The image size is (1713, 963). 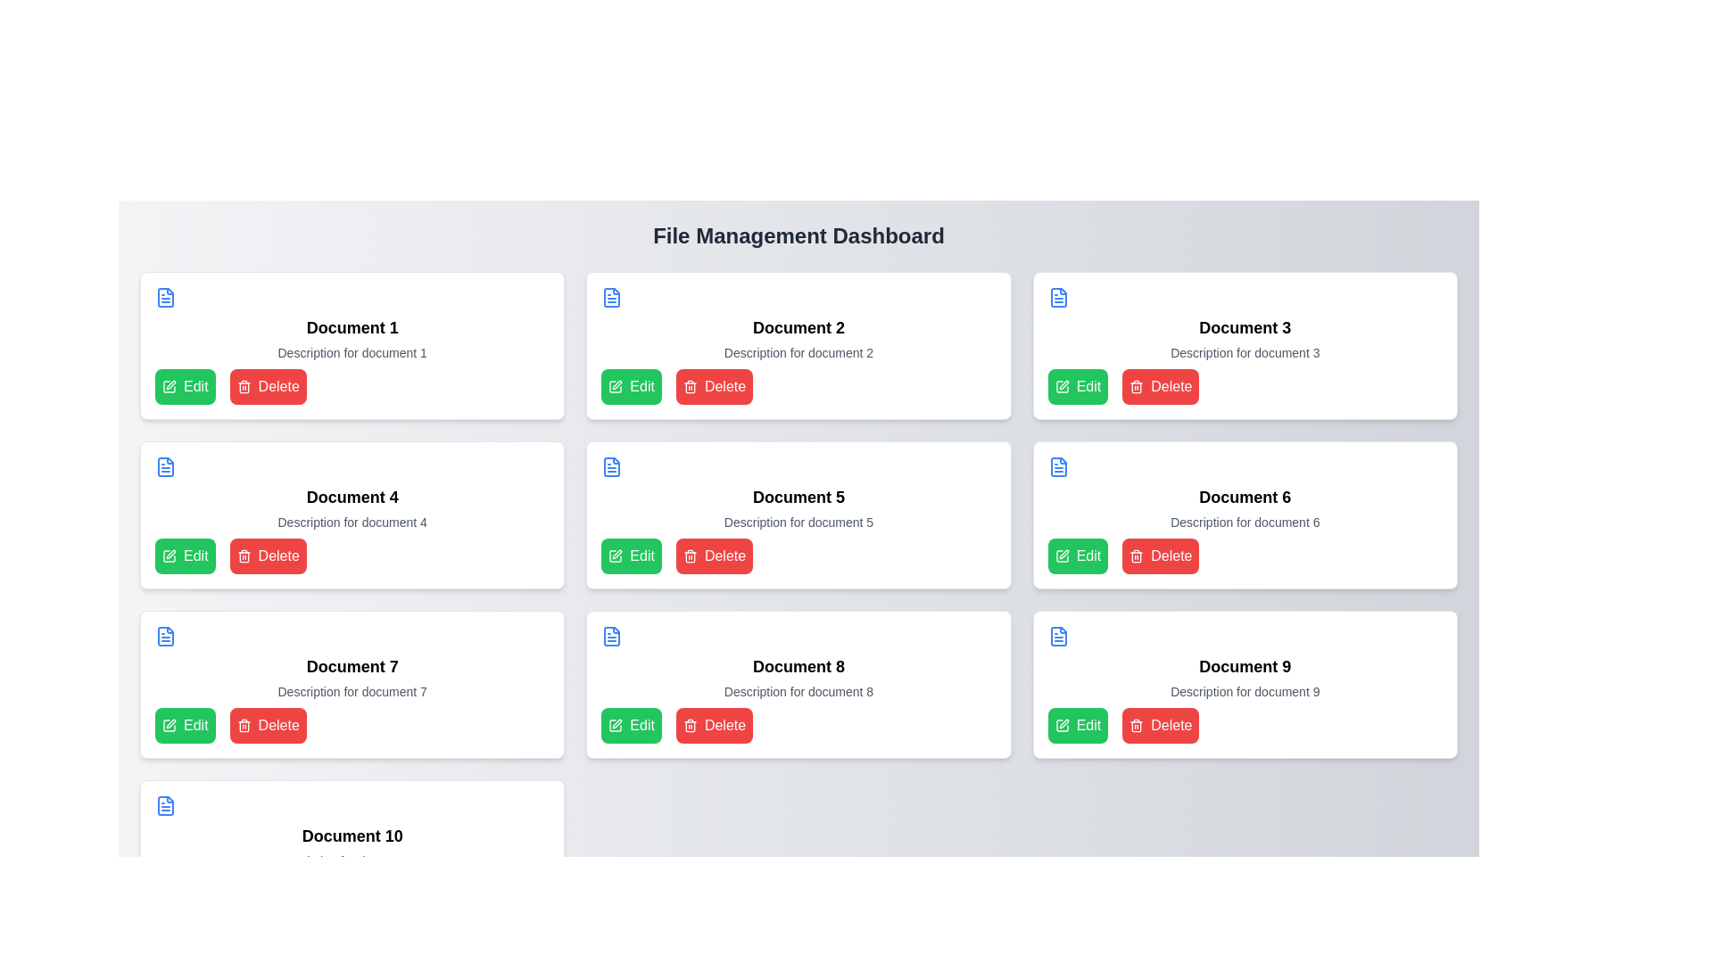 What do you see at coordinates (1136, 556) in the screenshot?
I see `the rectangular part of the trash icon to trigger tooltip effects or visual changes` at bounding box center [1136, 556].